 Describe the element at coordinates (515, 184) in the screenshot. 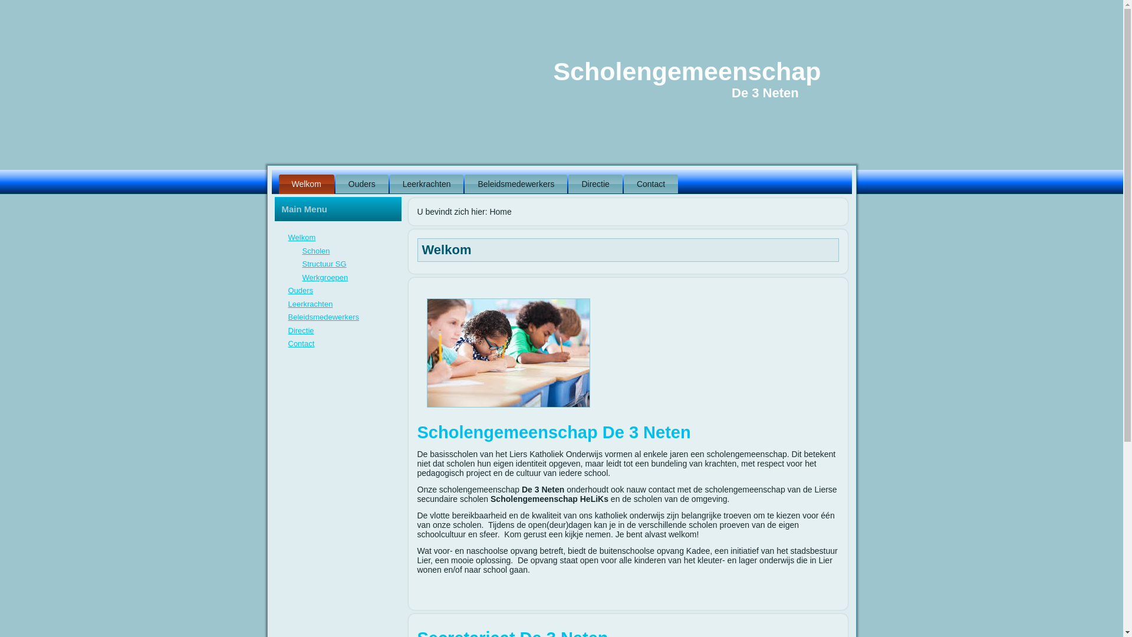

I see `'Beleidsmedewerkers'` at that location.